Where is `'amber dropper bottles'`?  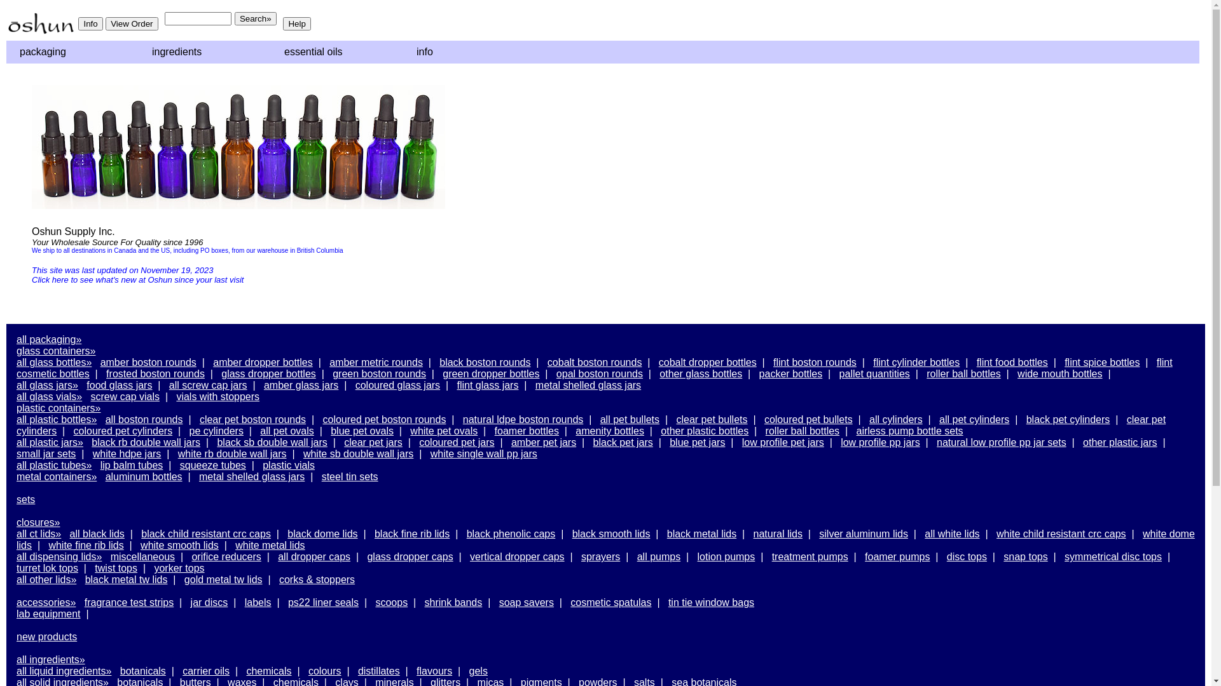
'amber dropper bottles' is located at coordinates (262, 362).